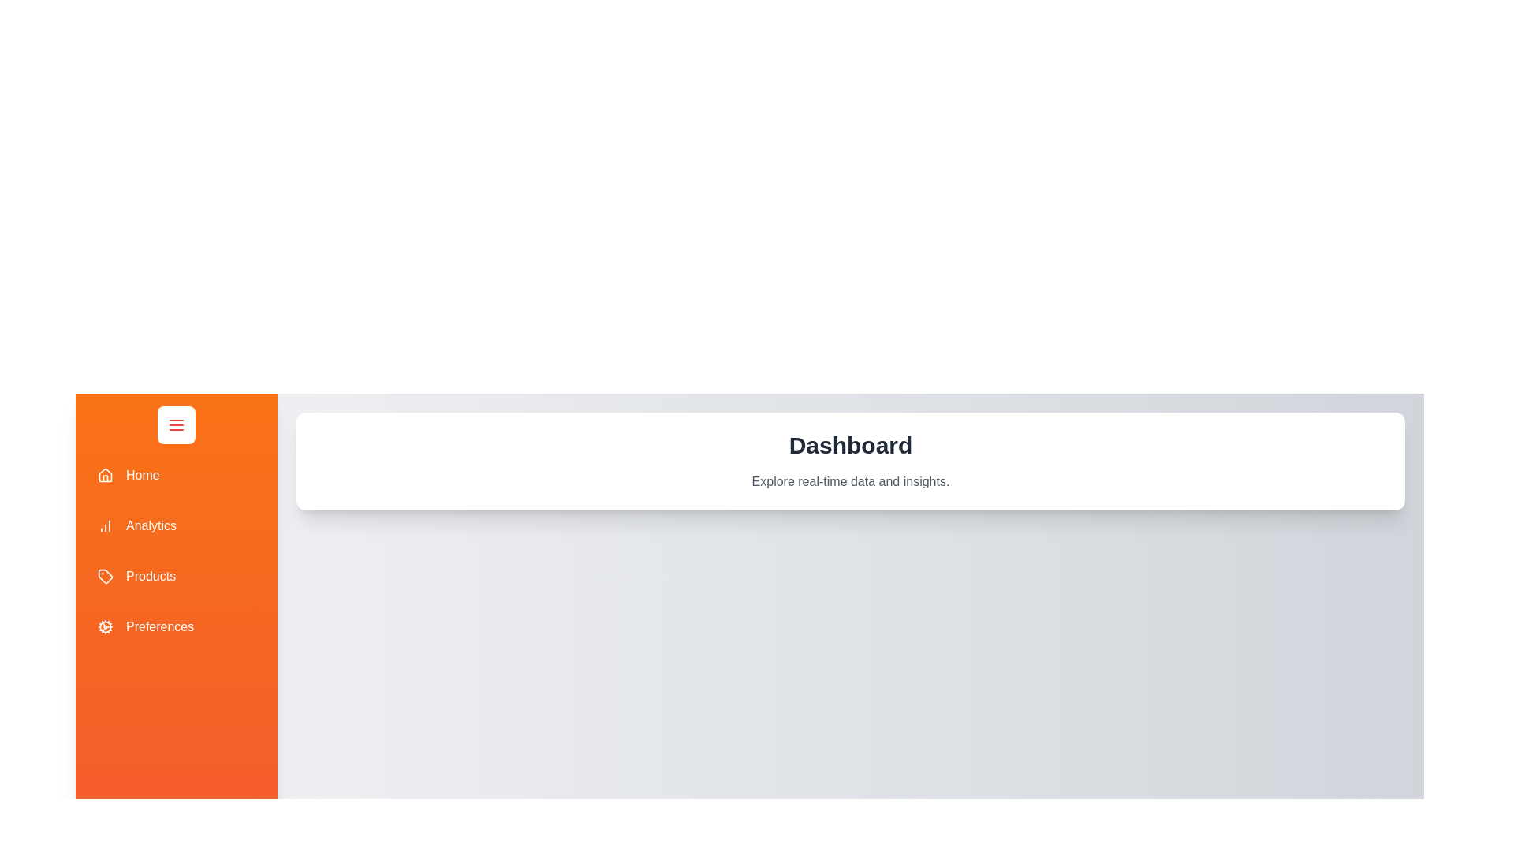 The height and width of the screenshot is (852, 1514). Describe the element at coordinates (177, 526) in the screenshot. I see `the drawer item labeled 'Analytics' to observe its hover effect` at that location.